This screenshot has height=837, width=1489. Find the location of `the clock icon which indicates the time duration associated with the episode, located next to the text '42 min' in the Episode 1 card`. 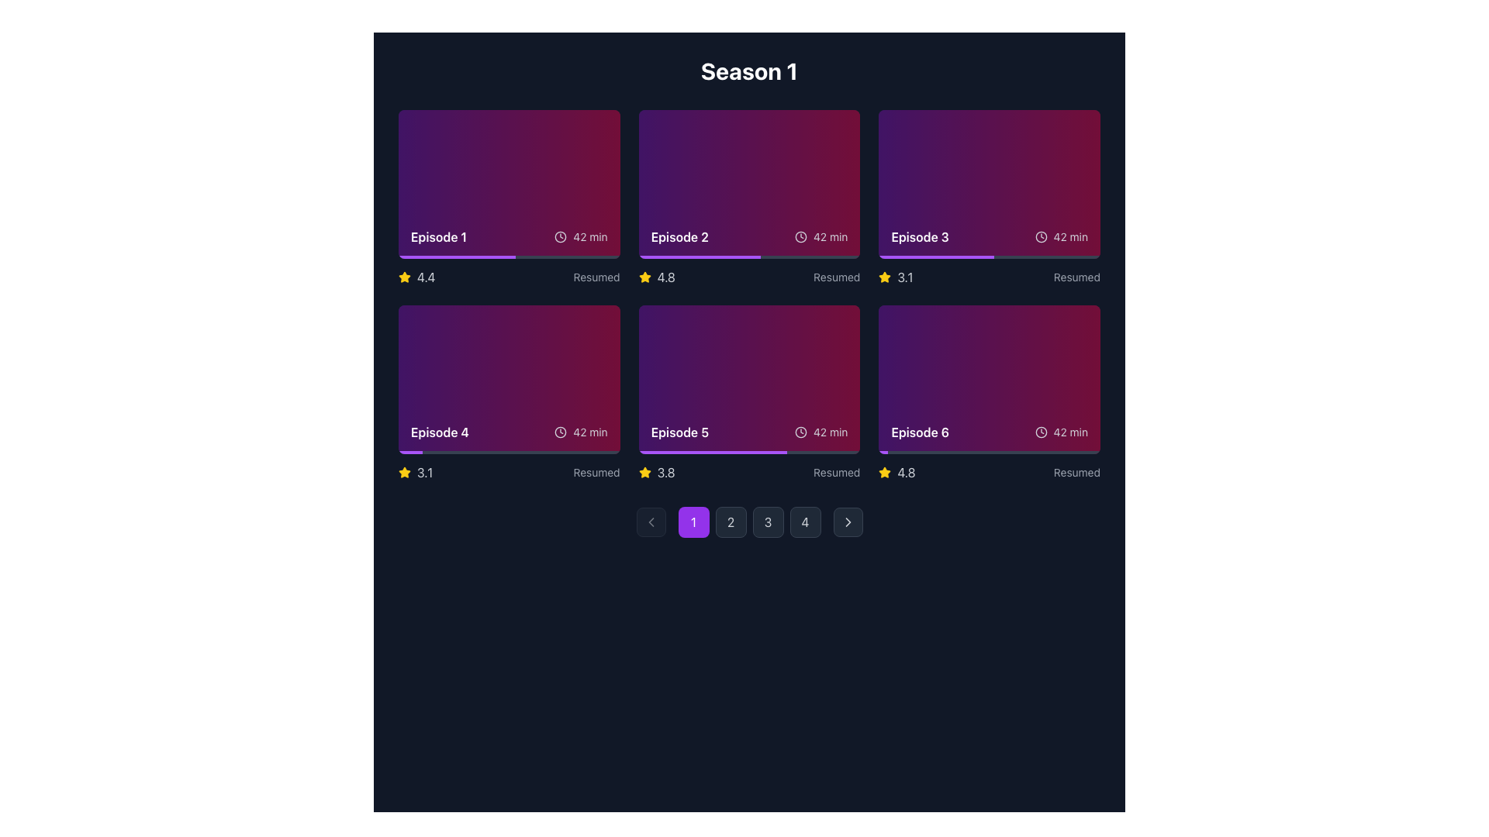

the clock icon which indicates the time duration associated with the episode, located next to the text '42 min' in the Episode 1 card is located at coordinates (560, 236).